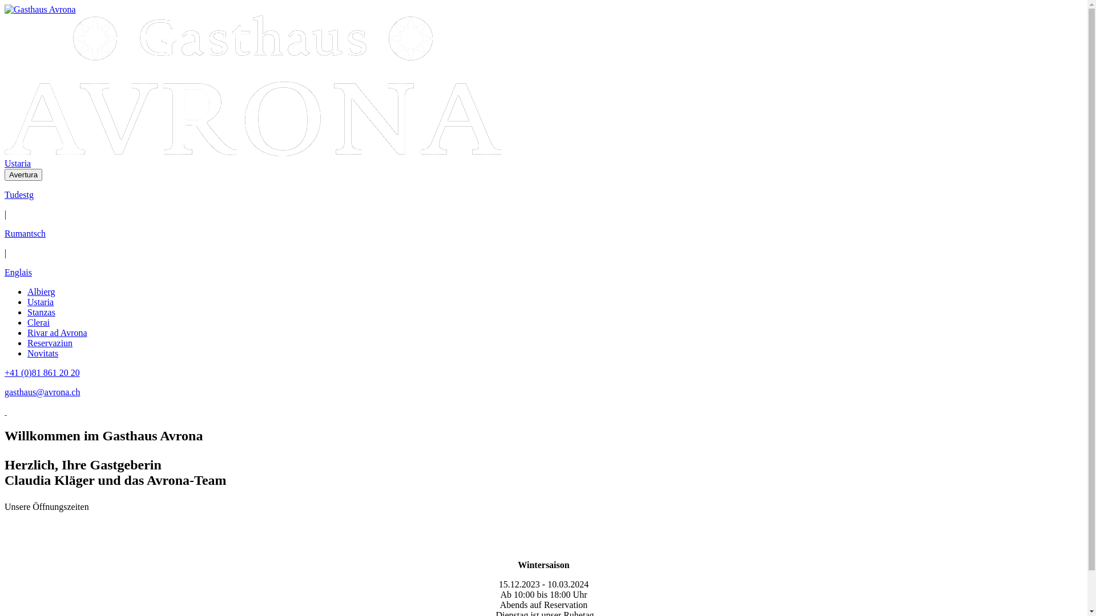 This screenshot has height=616, width=1096. What do you see at coordinates (5, 194) in the screenshot?
I see `'Tudestg'` at bounding box center [5, 194].